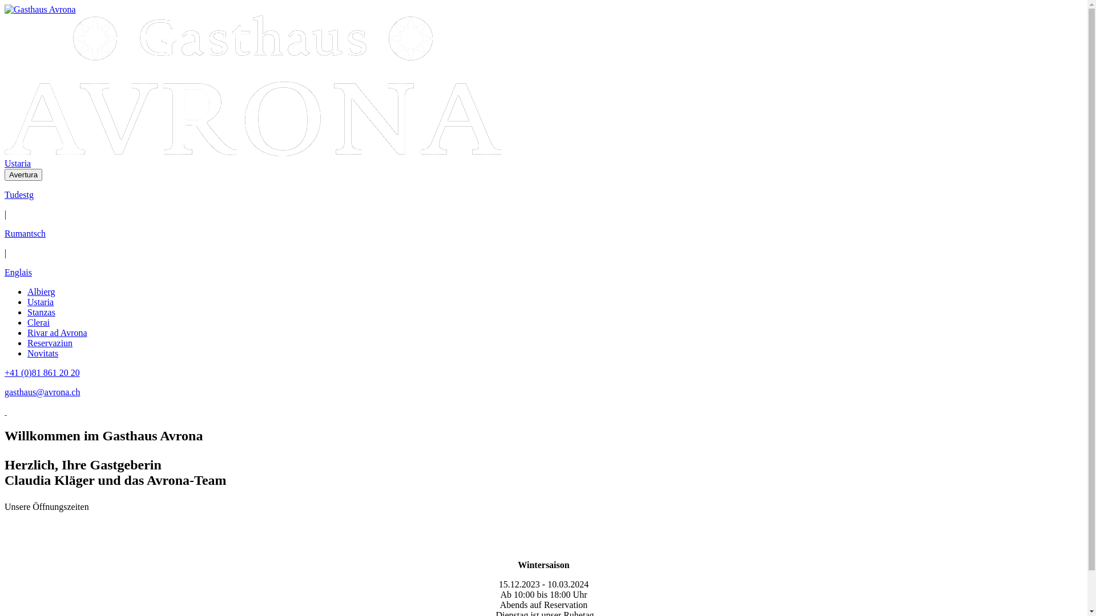 This screenshot has height=616, width=1096. What do you see at coordinates (5, 194) in the screenshot?
I see `'Tudestg'` at bounding box center [5, 194].